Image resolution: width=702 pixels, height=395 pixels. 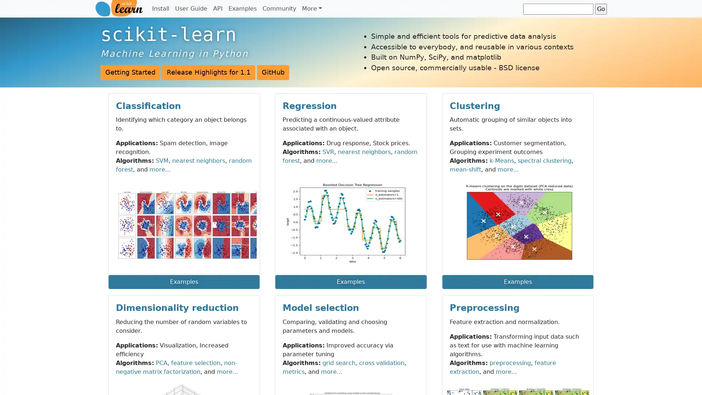 I want to click on Go, so click(x=601, y=8).